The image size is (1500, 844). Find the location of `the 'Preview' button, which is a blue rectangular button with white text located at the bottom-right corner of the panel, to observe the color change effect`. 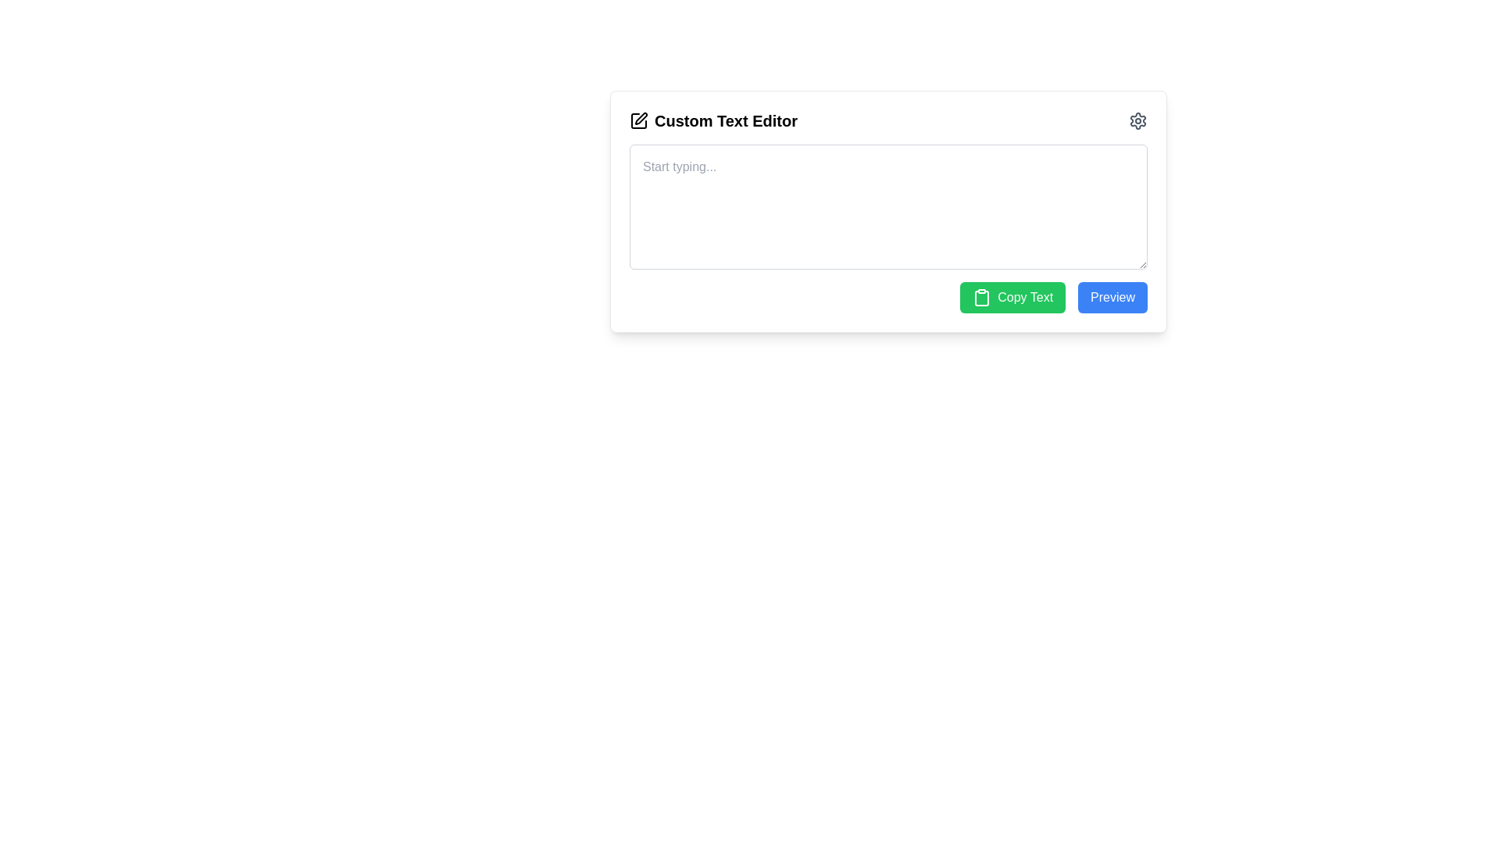

the 'Preview' button, which is a blue rectangular button with white text located at the bottom-right corner of the panel, to observe the color change effect is located at coordinates (1112, 298).